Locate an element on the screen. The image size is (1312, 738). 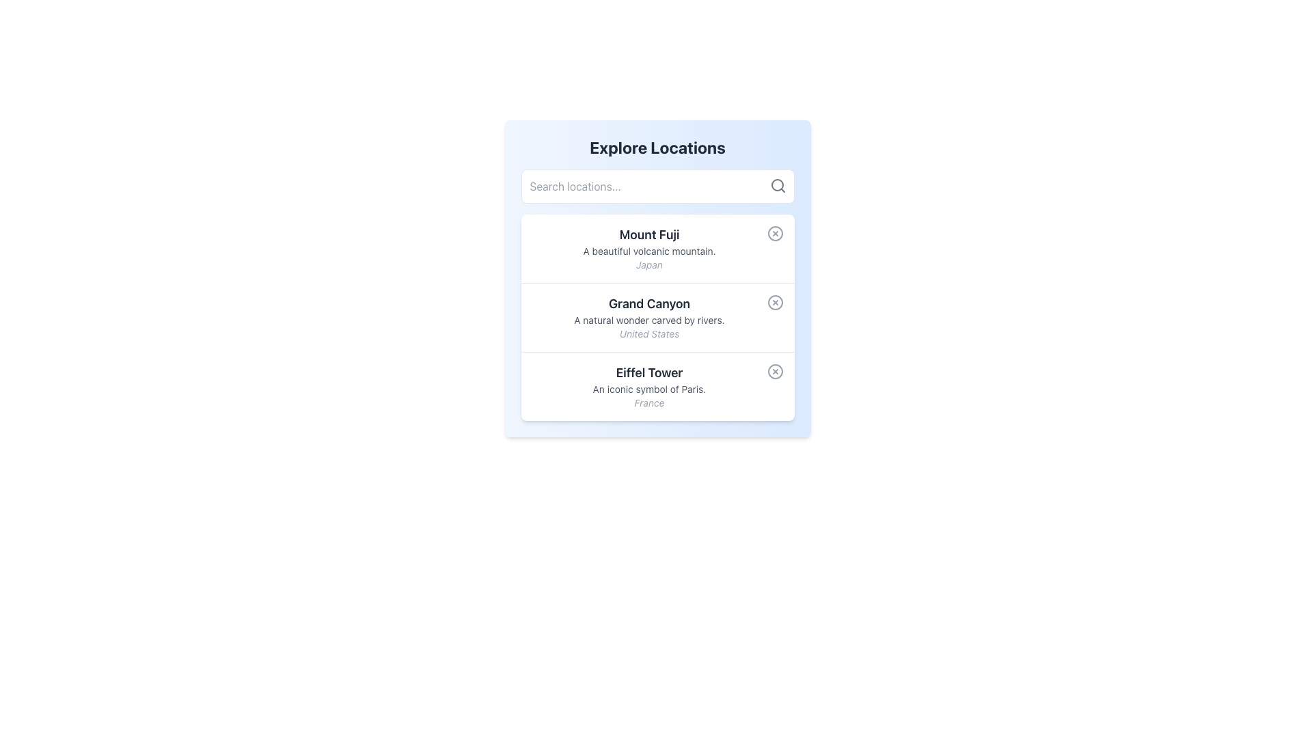
the text block titled 'Grand Canyon', which includes a description and subtext, located in the 'Explore Locations' panel is located at coordinates (648, 318).